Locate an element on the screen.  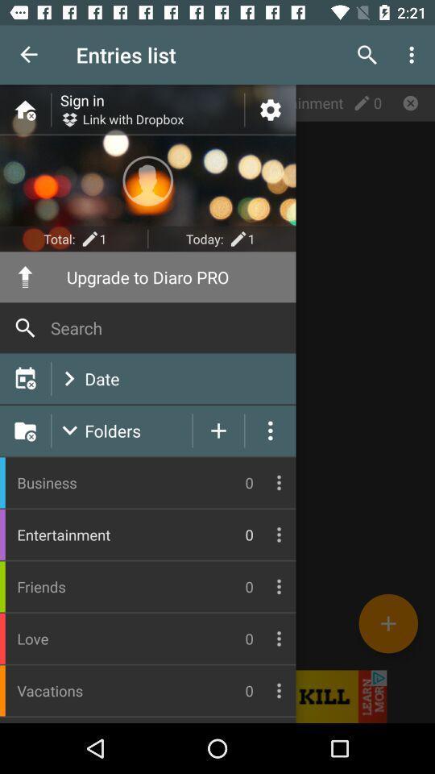
the add icon is located at coordinates (387, 622).